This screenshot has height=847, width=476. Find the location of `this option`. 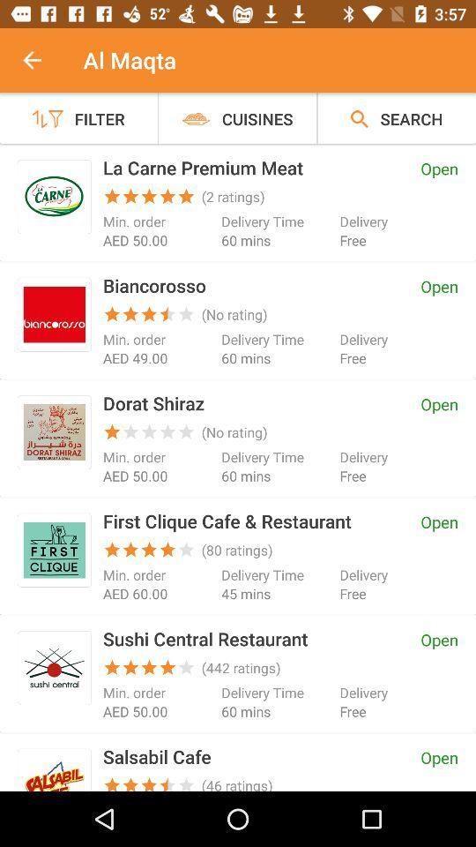

this option is located at coordinates (54, 549).